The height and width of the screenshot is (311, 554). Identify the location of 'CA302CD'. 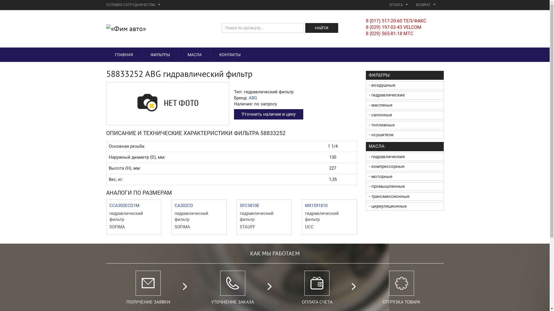
(184, 205).